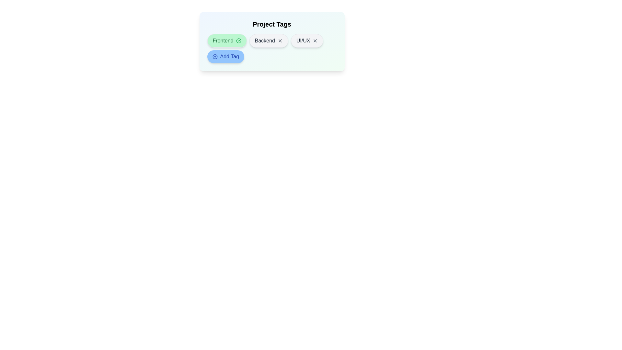  I want to click on the 'Add Tag' button to add a new tag, so click(225, 56).